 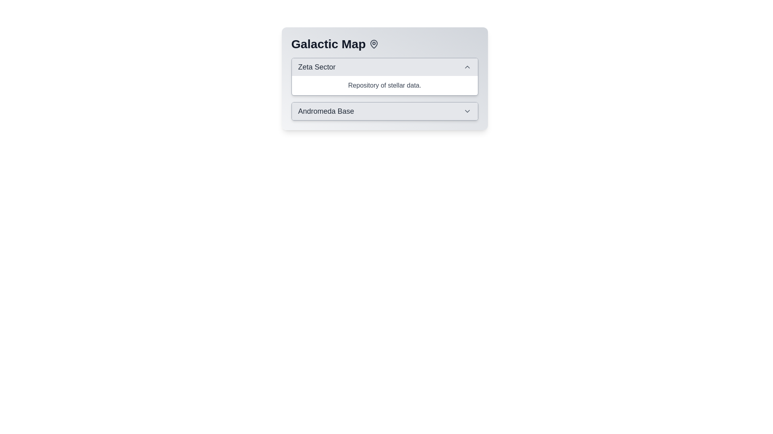 I want to click on the collapsible dropdown menu header for the 'Zeta Sector' located at the top of the 'Galactic Map' card-like structure, so click(x=384, y=66).